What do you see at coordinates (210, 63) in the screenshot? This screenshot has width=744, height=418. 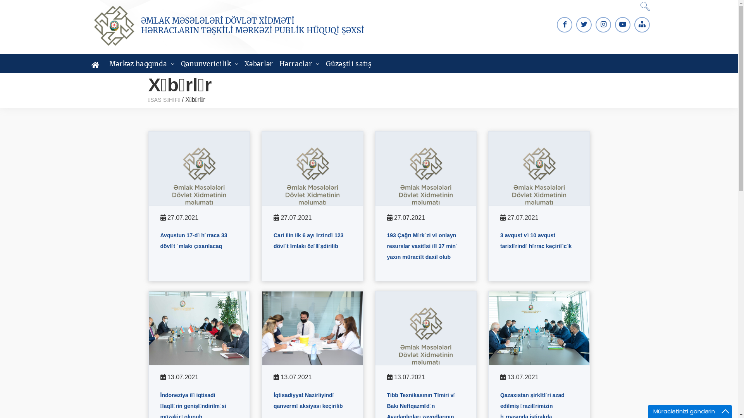 I see `'Qanunvericilik'` at bounding box center [210, 63].